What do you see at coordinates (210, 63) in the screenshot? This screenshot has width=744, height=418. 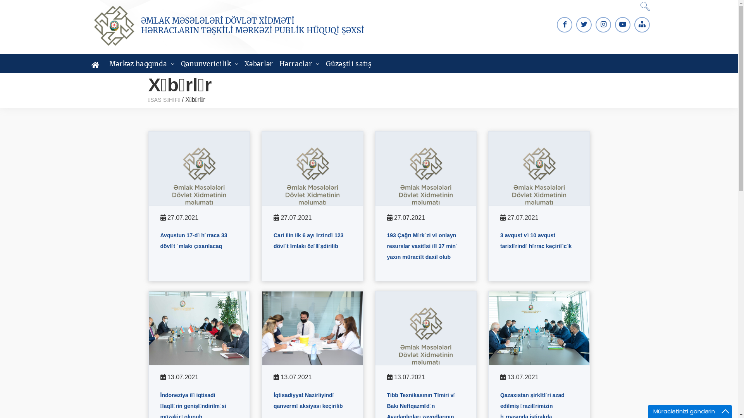 I see `'Qanunvericilik'` at bounding box center [210, 63].